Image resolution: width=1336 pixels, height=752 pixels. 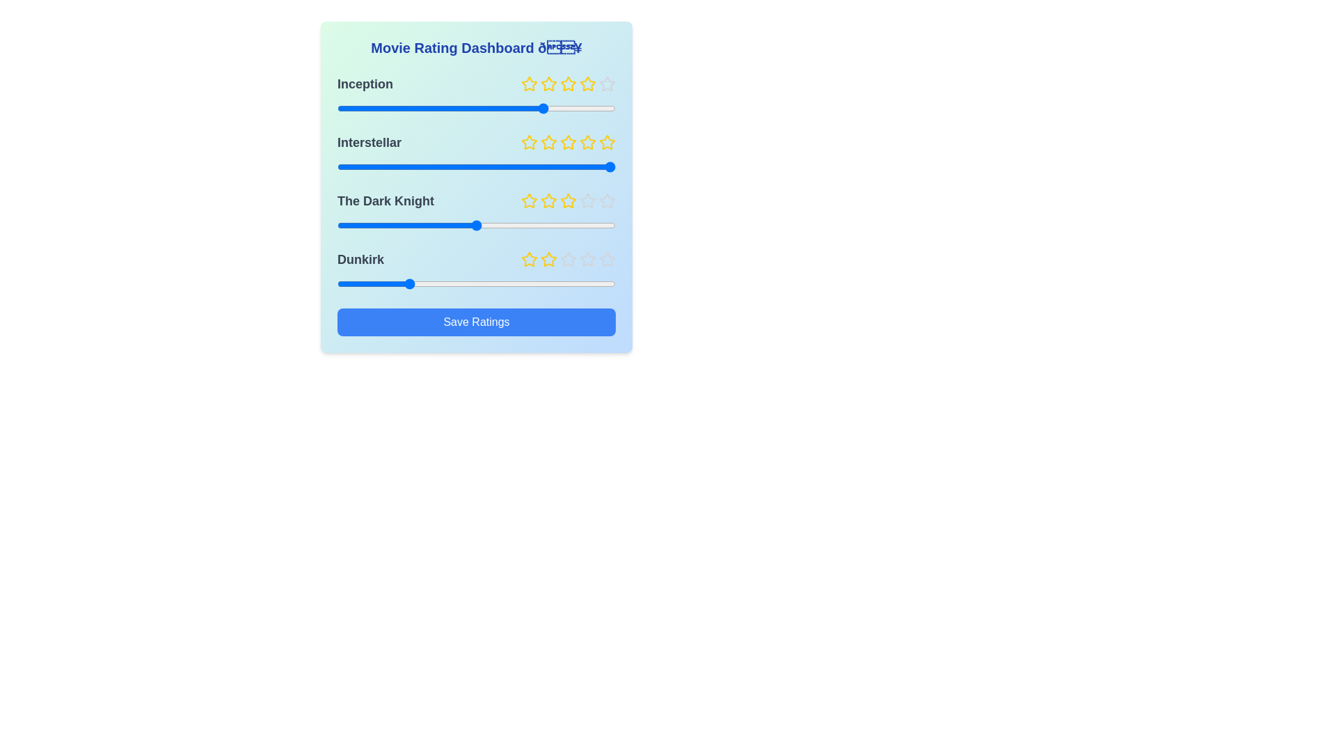 What do you see at coordinates (337, 107) in the screenshot?
I see `the slider for the movie 'Inception' to set the rating to 1` at bounding box center [337, 107].